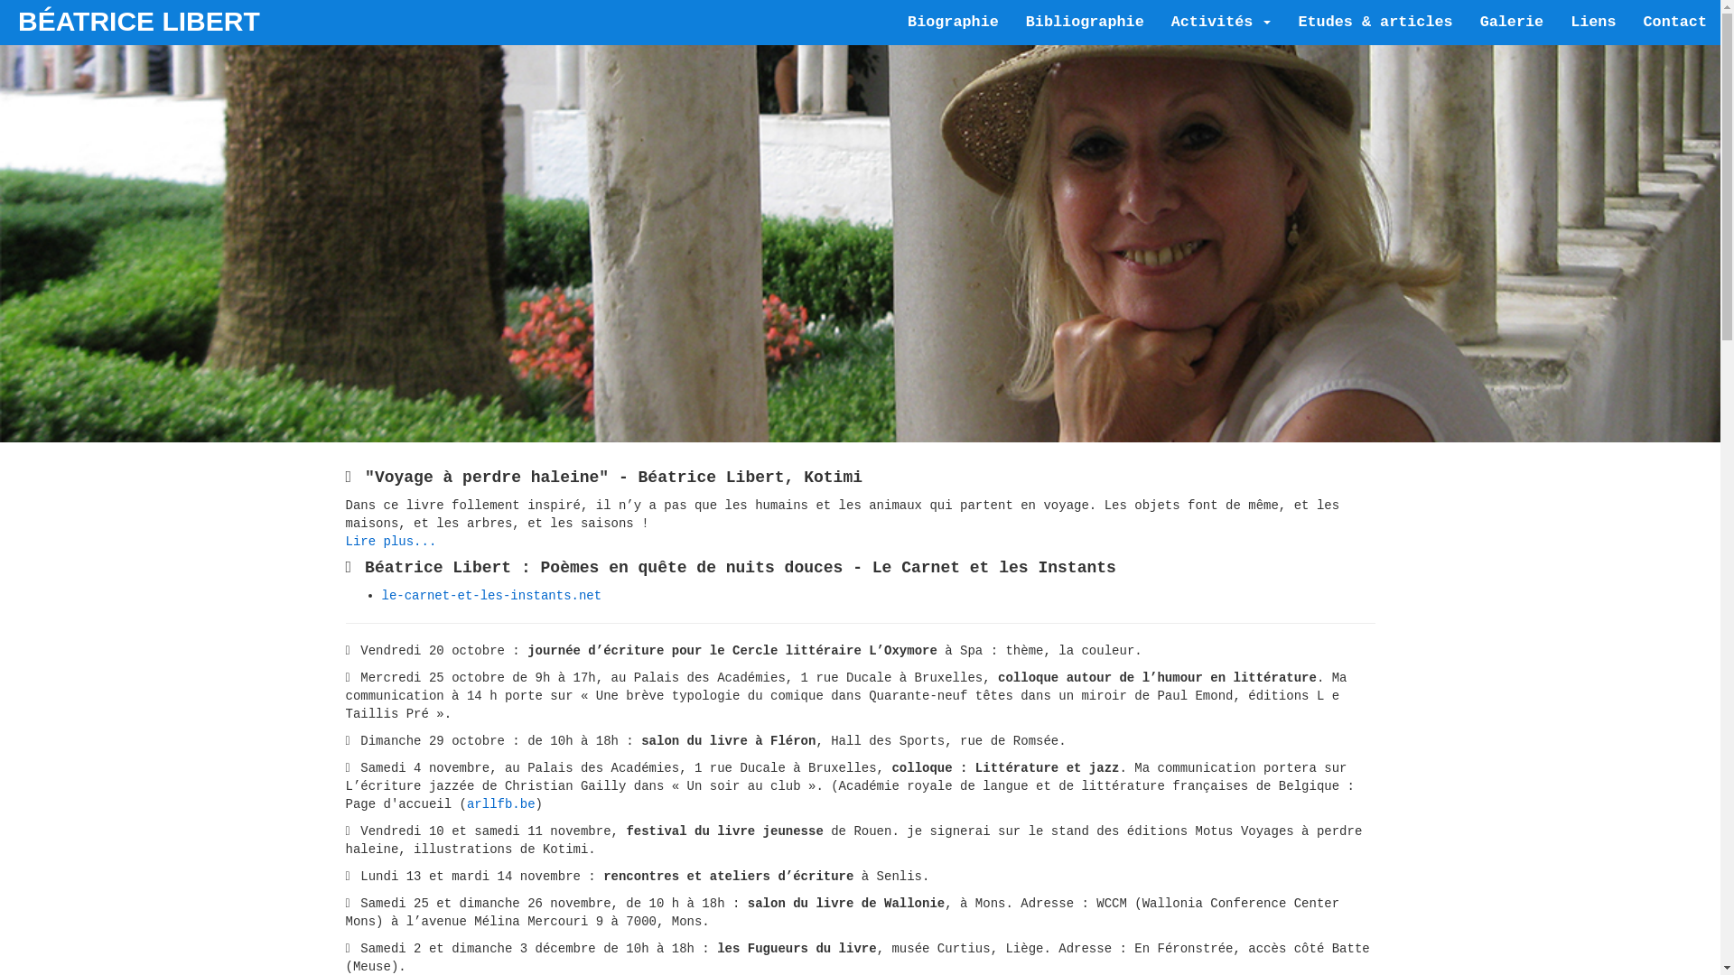 Image resolution: width=1734 pixels, height=975 pixels. I want to click on 'Liens', so click(1592, 22).